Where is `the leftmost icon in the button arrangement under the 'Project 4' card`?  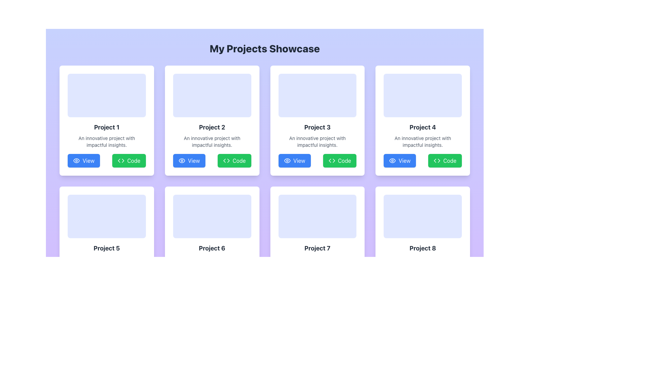
the leftmost icon in the button arrangement under the 'Project 4' card is located at coordinates (392, 161).